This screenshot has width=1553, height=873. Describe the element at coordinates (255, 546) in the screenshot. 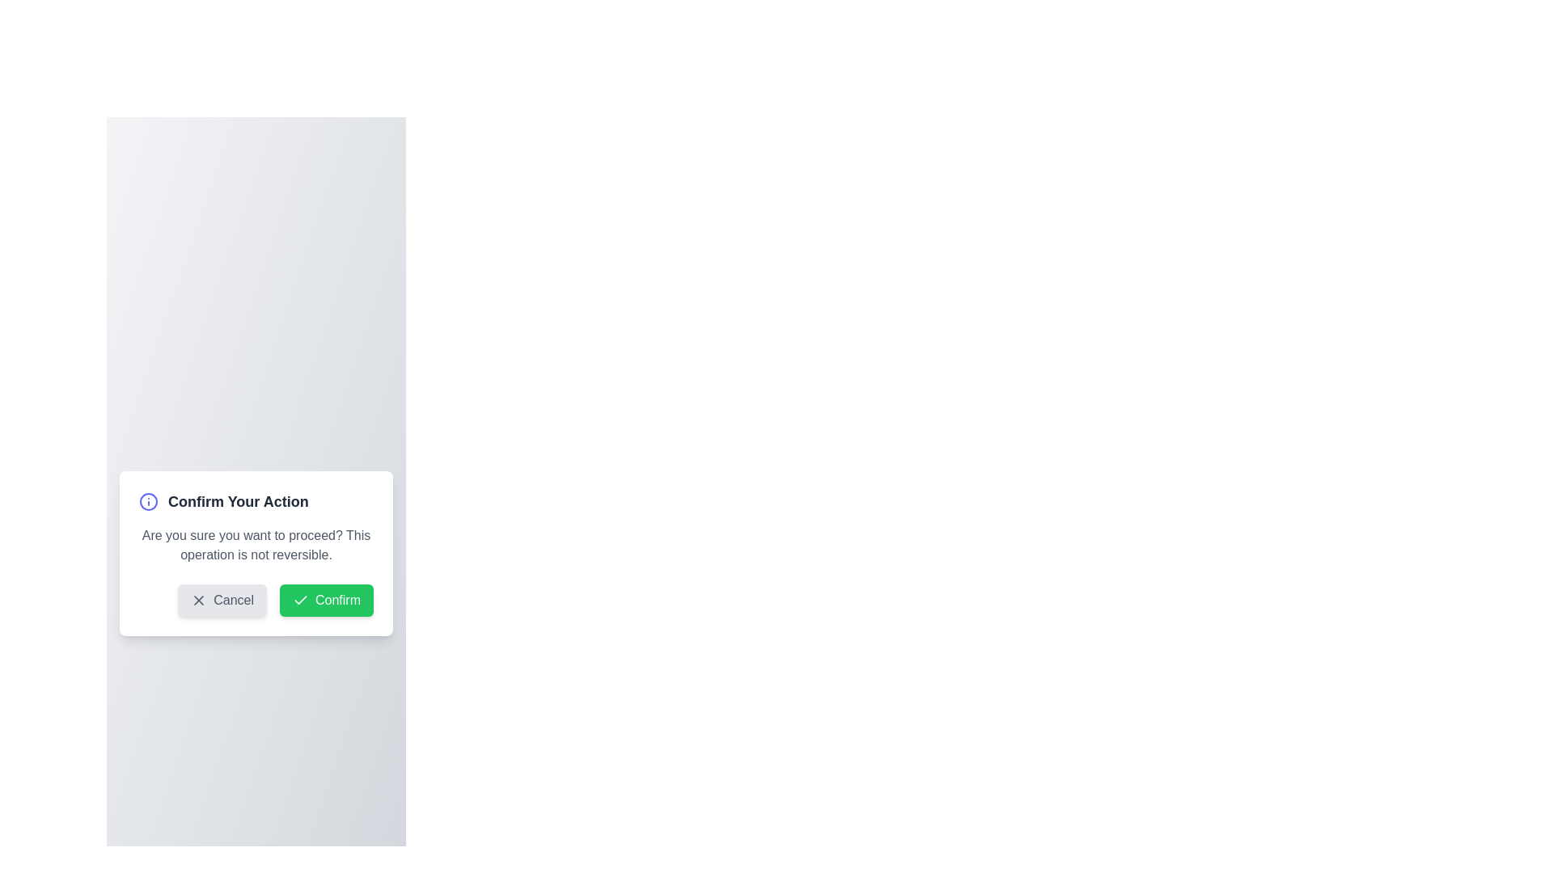

I see `the text block displaying the message 'Are you sure you want to proceed? This operation is not reversible.' within the light-themed dialog box` at that location.